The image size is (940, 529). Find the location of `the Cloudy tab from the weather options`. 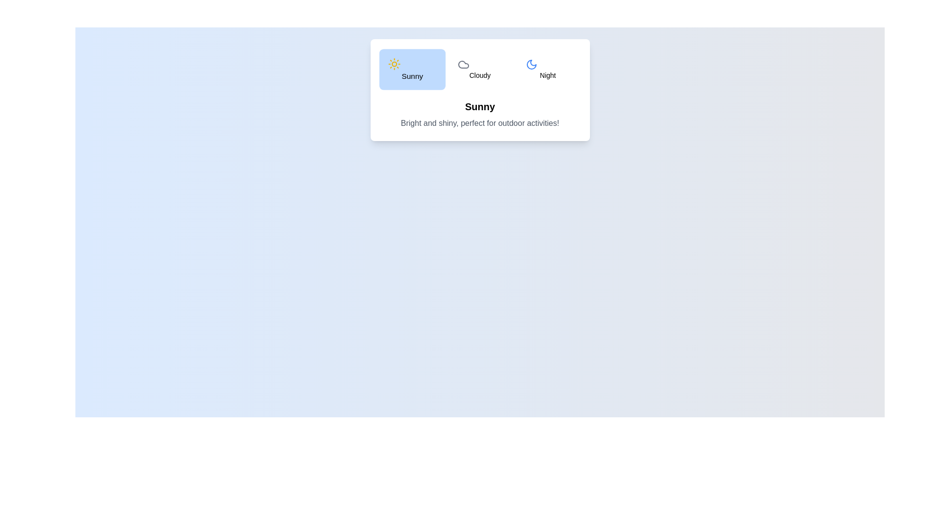

the Cloudy tab from the weather options is located at coordinates (480, 69).